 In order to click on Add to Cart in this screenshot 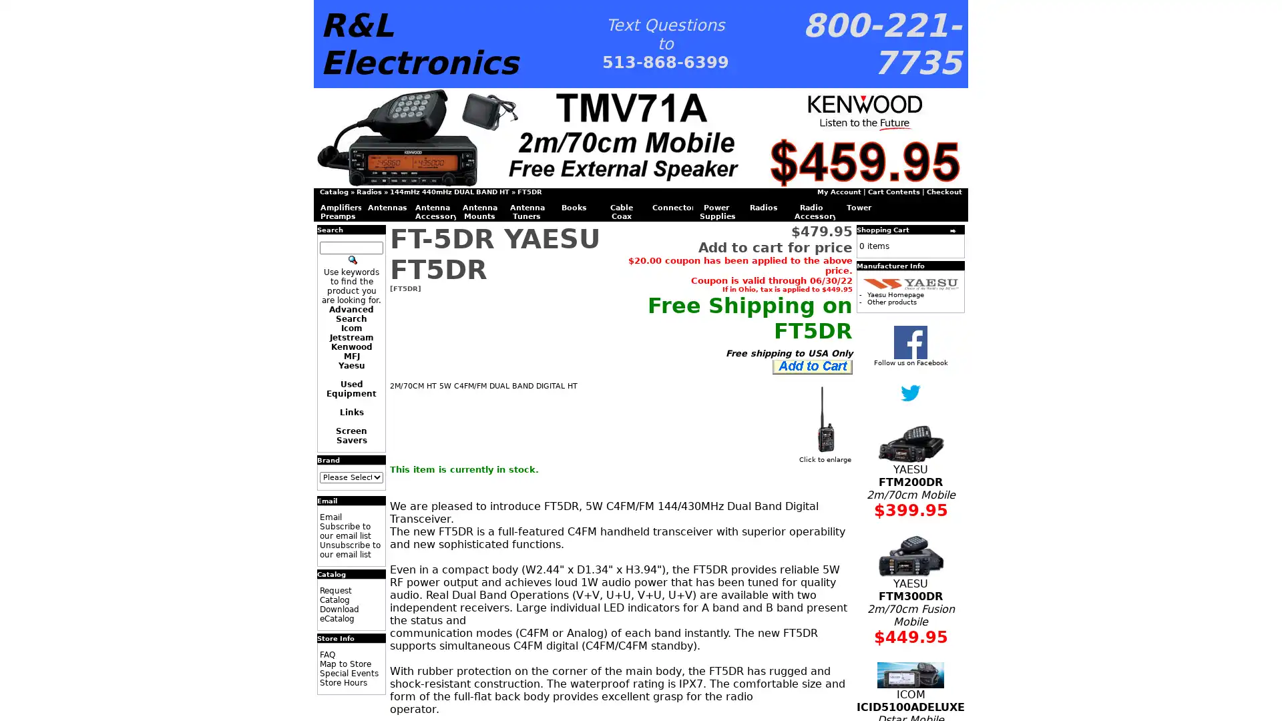, I will do `click(812, 367)`.